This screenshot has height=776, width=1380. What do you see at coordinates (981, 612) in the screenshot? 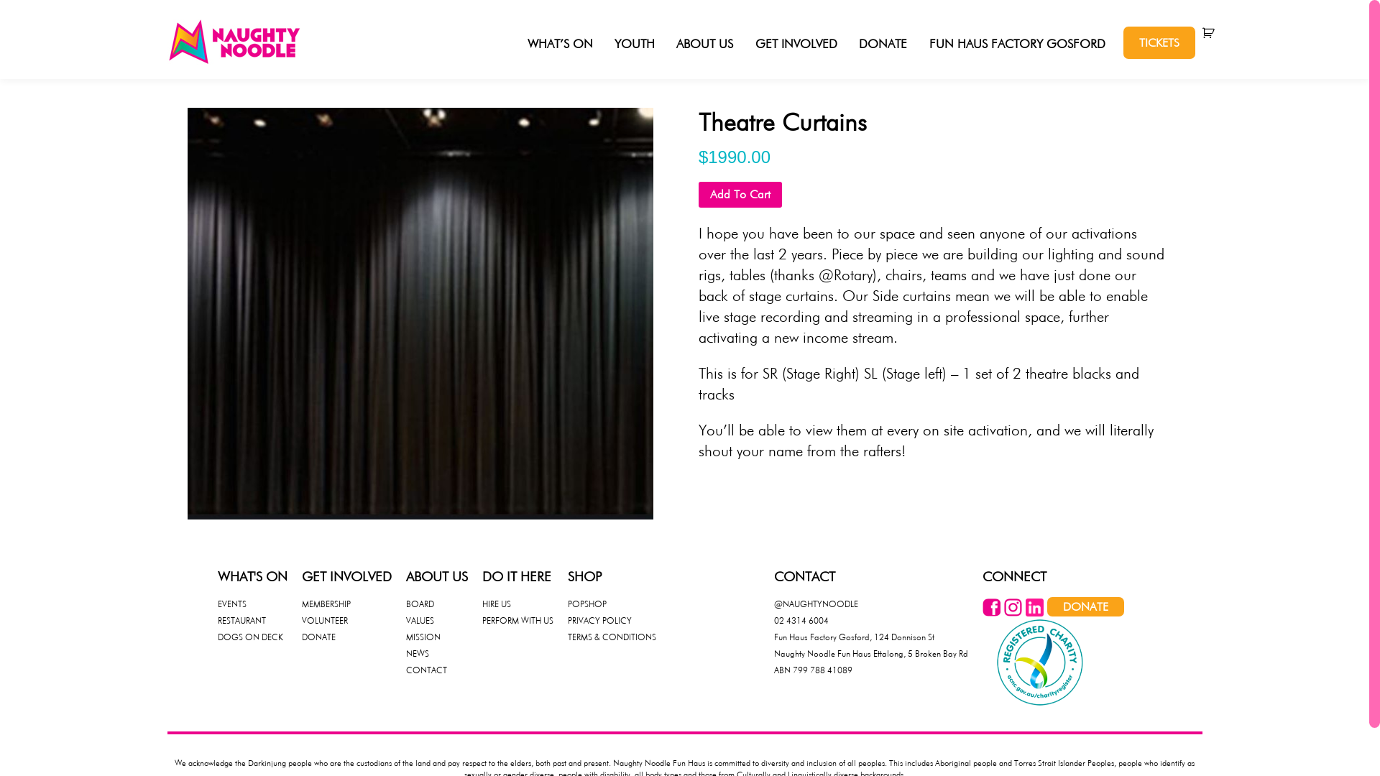
I see `'Facebook'` at bounding box center [981, 612].